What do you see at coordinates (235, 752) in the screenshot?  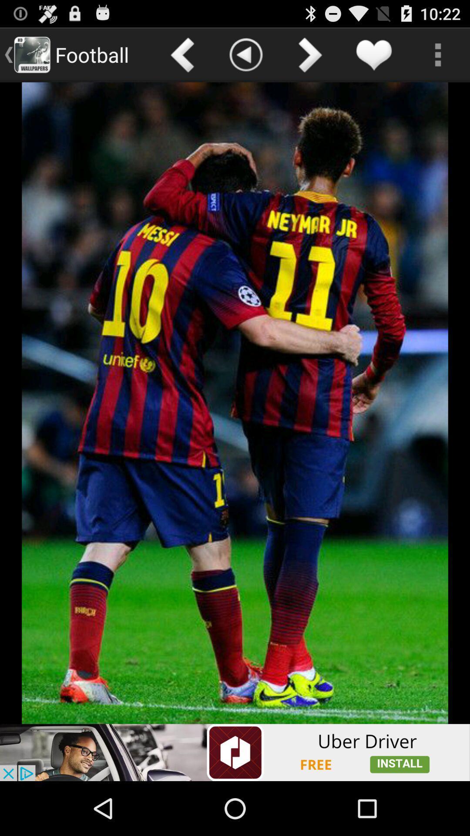 I see `advertisement link` at bounding box center [235, 752].